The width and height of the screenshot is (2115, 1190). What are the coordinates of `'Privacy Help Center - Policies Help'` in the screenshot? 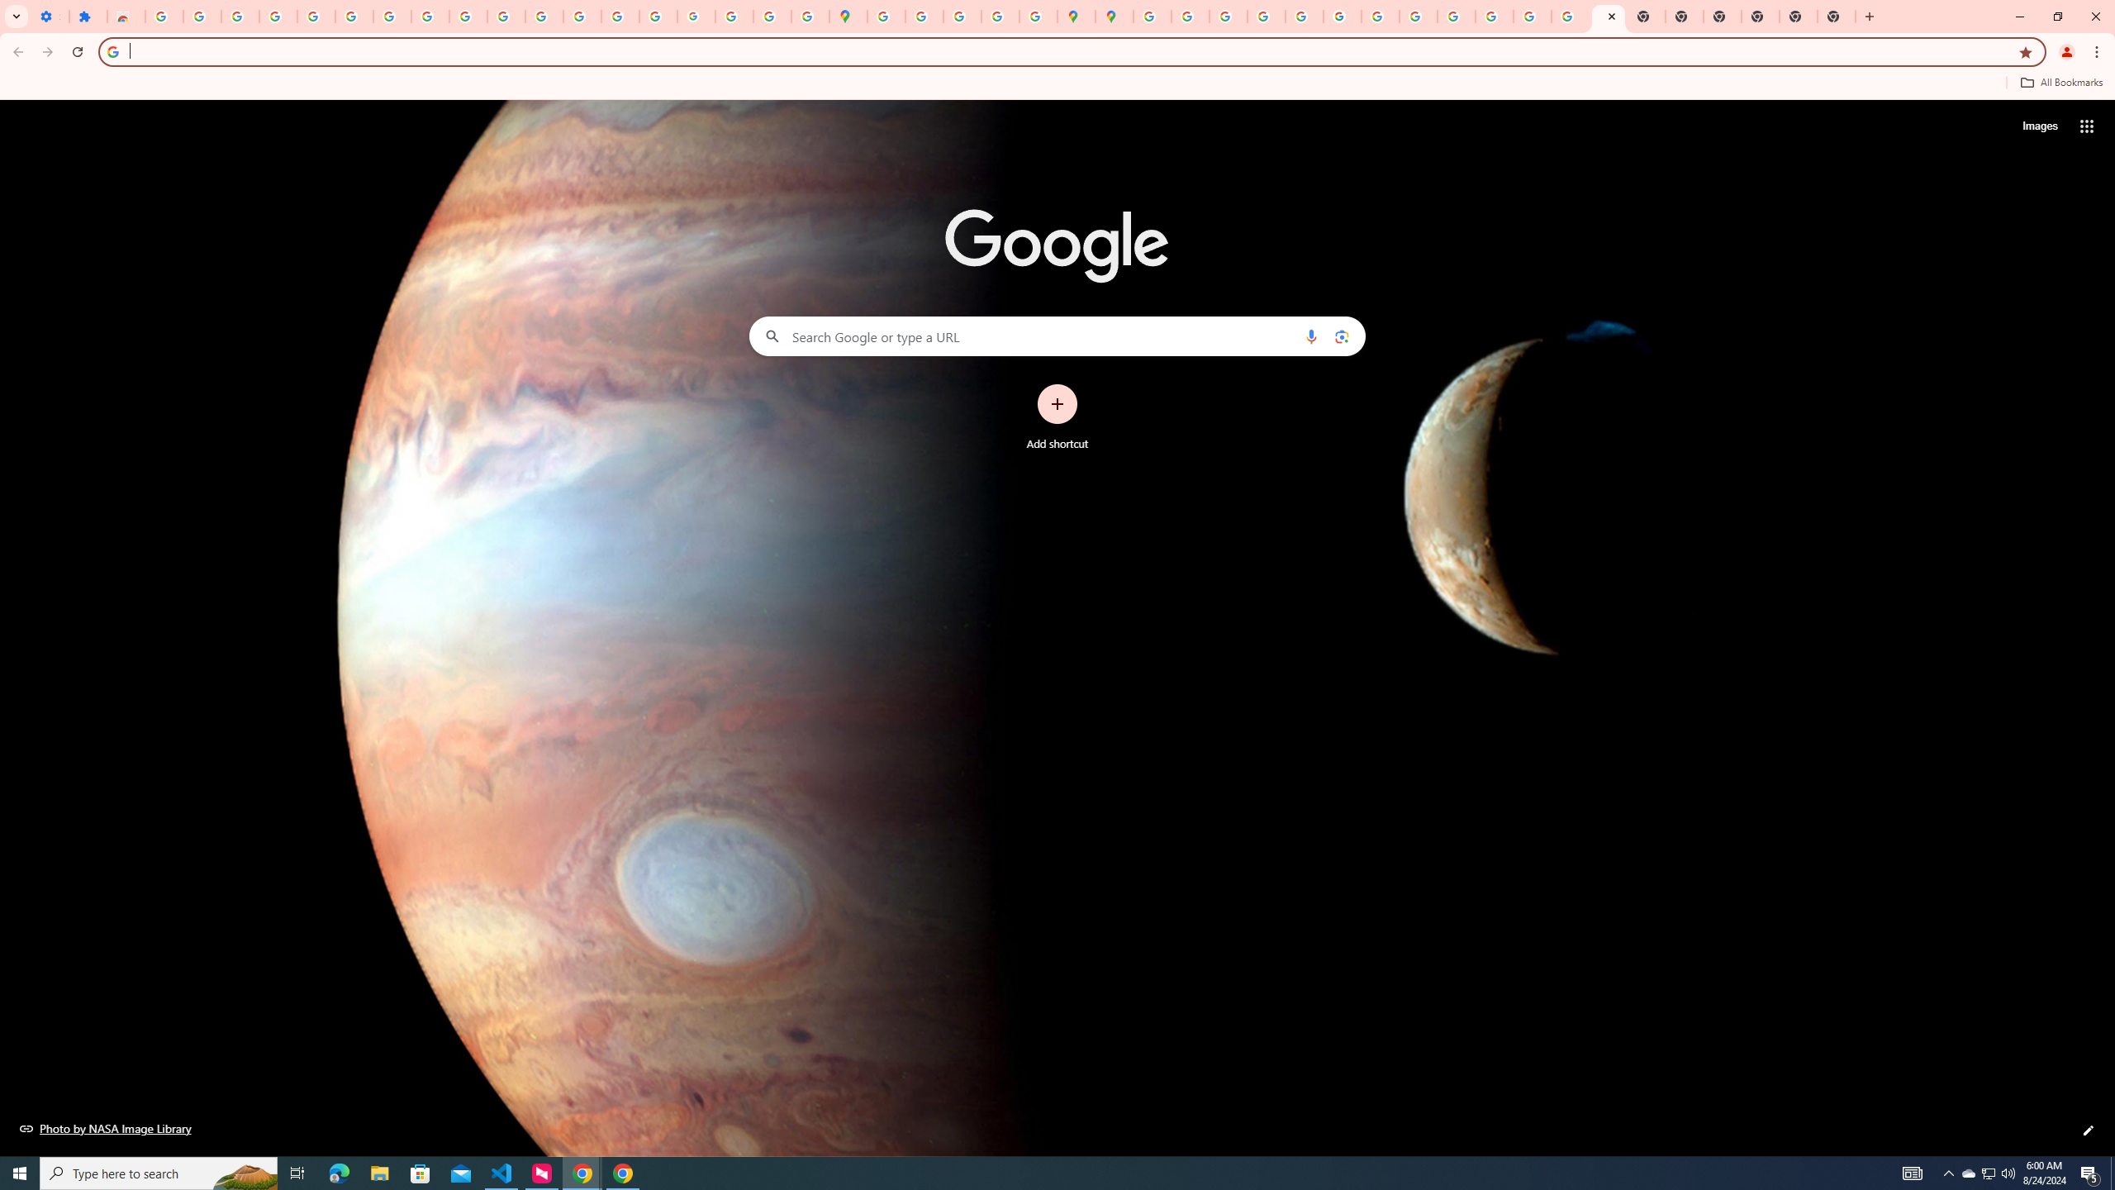 It's located at (1227, 16).